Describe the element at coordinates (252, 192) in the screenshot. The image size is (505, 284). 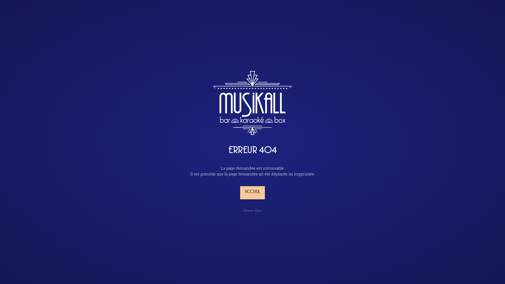
I see `'ACCUEIL'` at that location.